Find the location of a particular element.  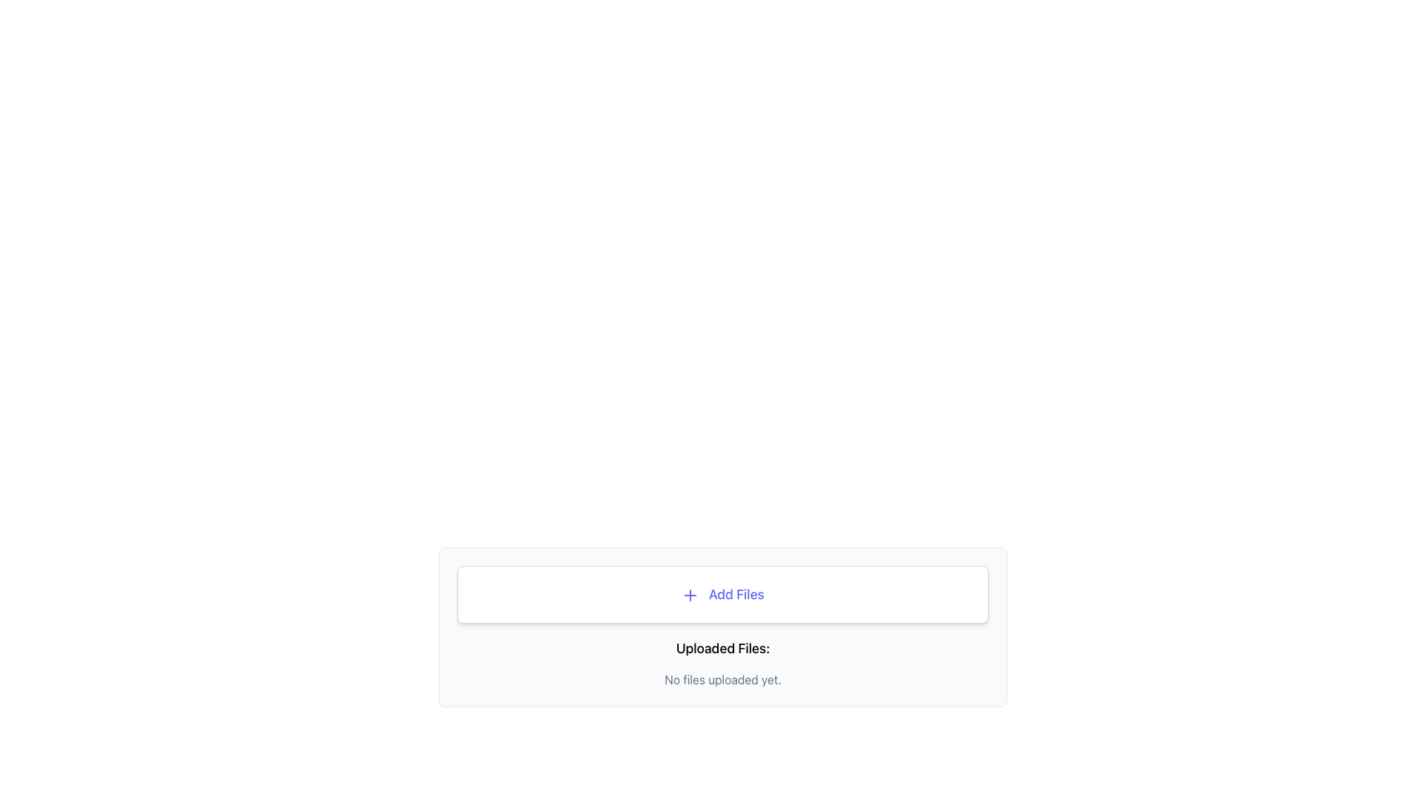

the 'Add Files' button element, which includes an indigo text and a plus icon is located at coordinates (722, 593).